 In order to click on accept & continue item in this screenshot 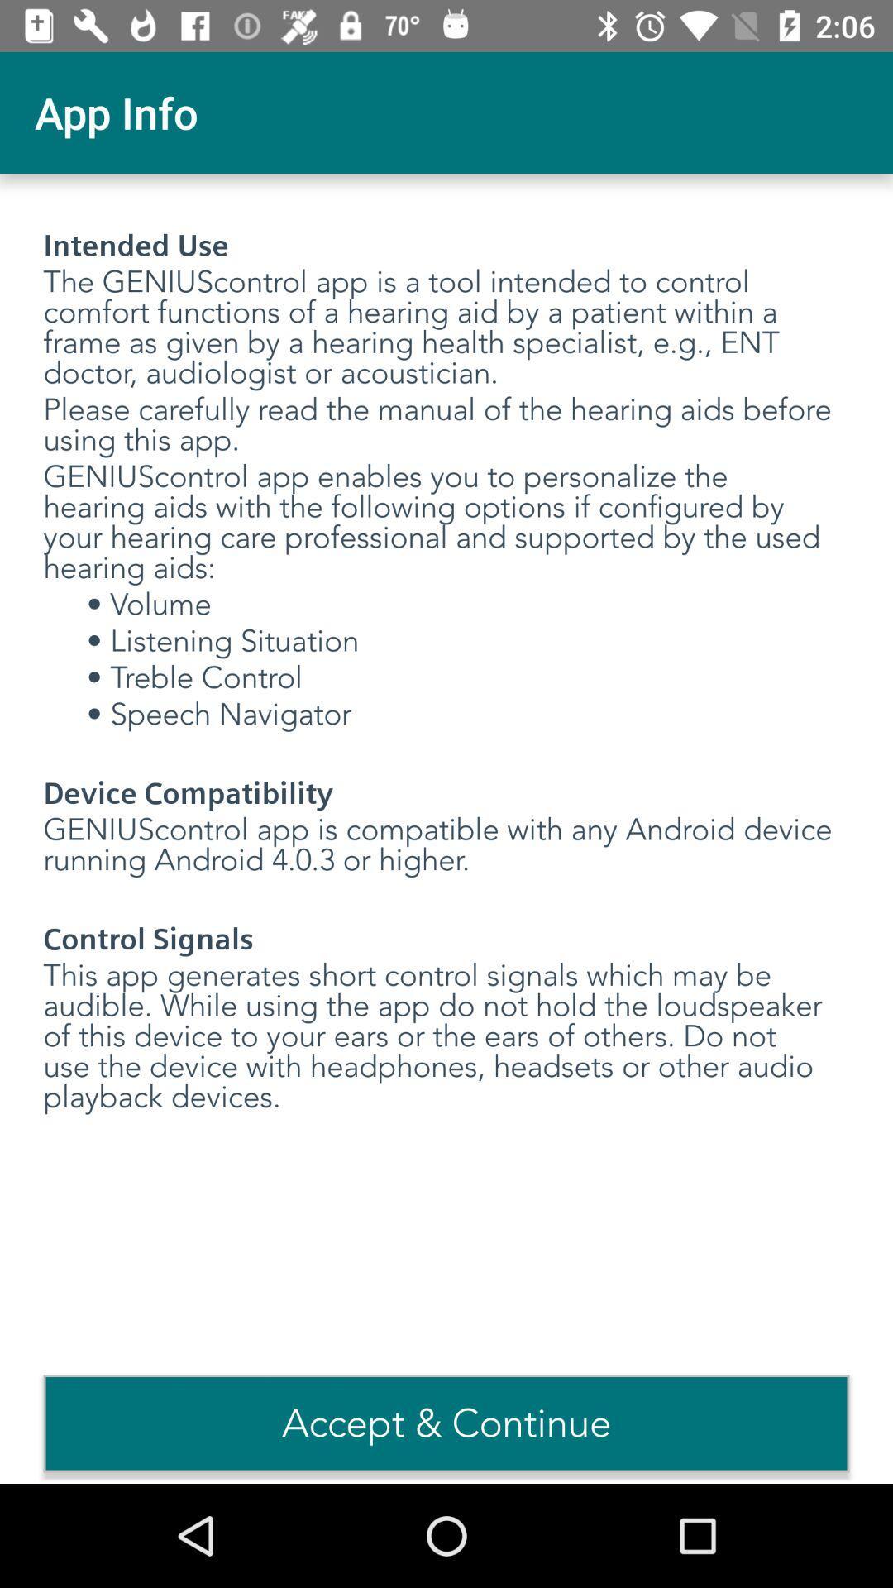, I will do `click(446, 1423)`.